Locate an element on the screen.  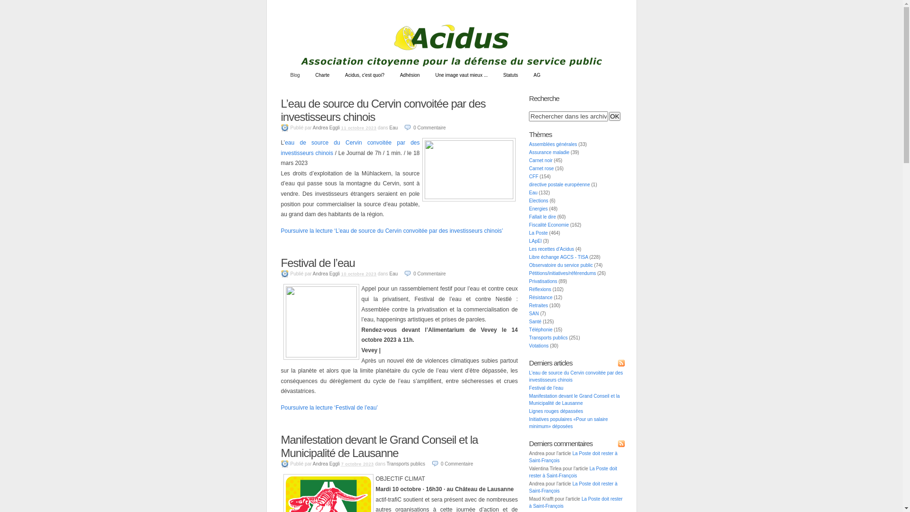
'Eau' is located at coordinates (393, 127).